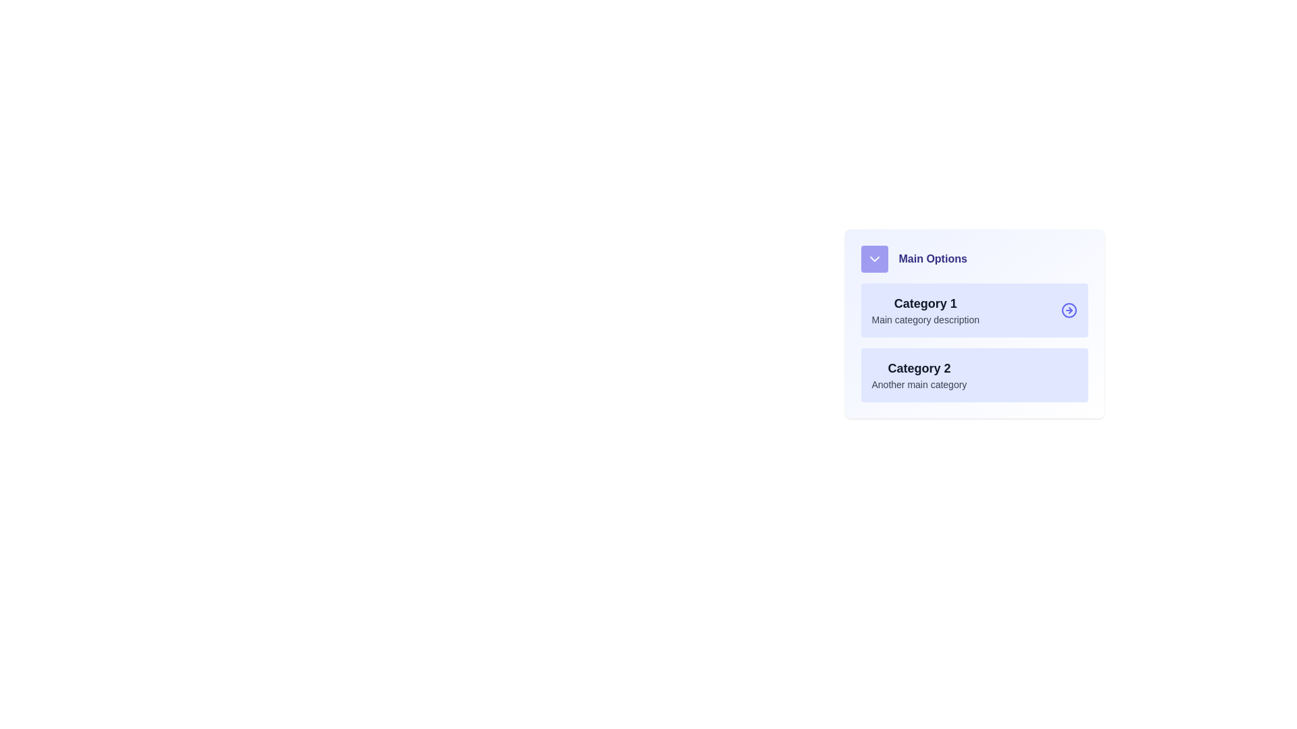 This screenshot has width=1297, height=729. What do you see at coordinates (925, 320) in the screenshot?
I see `the text label that contains 'Main category description', located below 'Category 1' in the top-right section of the interface` at bounding box center [925, 320].